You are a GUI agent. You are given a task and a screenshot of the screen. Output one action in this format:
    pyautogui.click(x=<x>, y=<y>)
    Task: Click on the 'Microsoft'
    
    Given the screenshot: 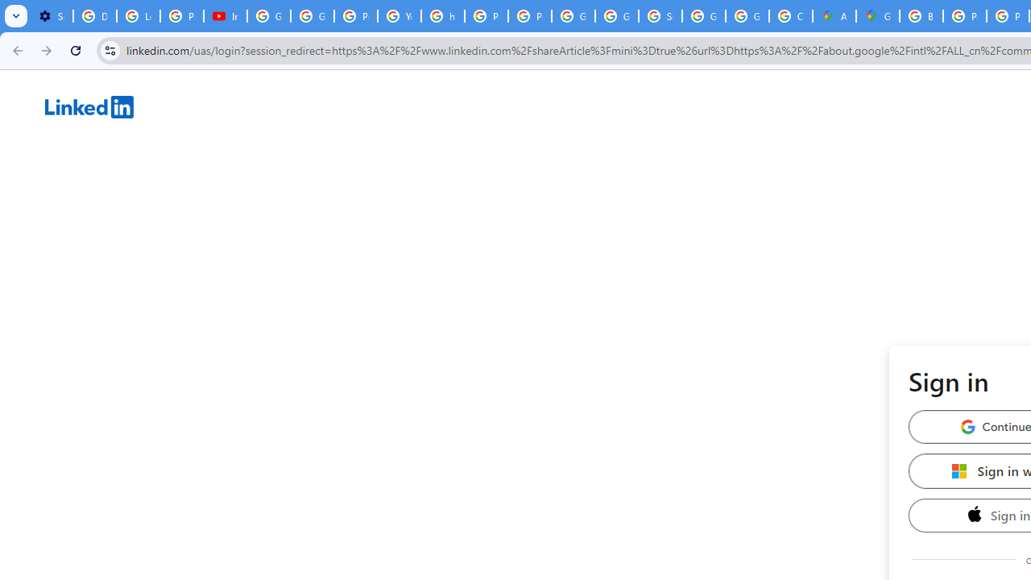 What is the action you would take?
    pyautogui.click(x=959, y=470)
    